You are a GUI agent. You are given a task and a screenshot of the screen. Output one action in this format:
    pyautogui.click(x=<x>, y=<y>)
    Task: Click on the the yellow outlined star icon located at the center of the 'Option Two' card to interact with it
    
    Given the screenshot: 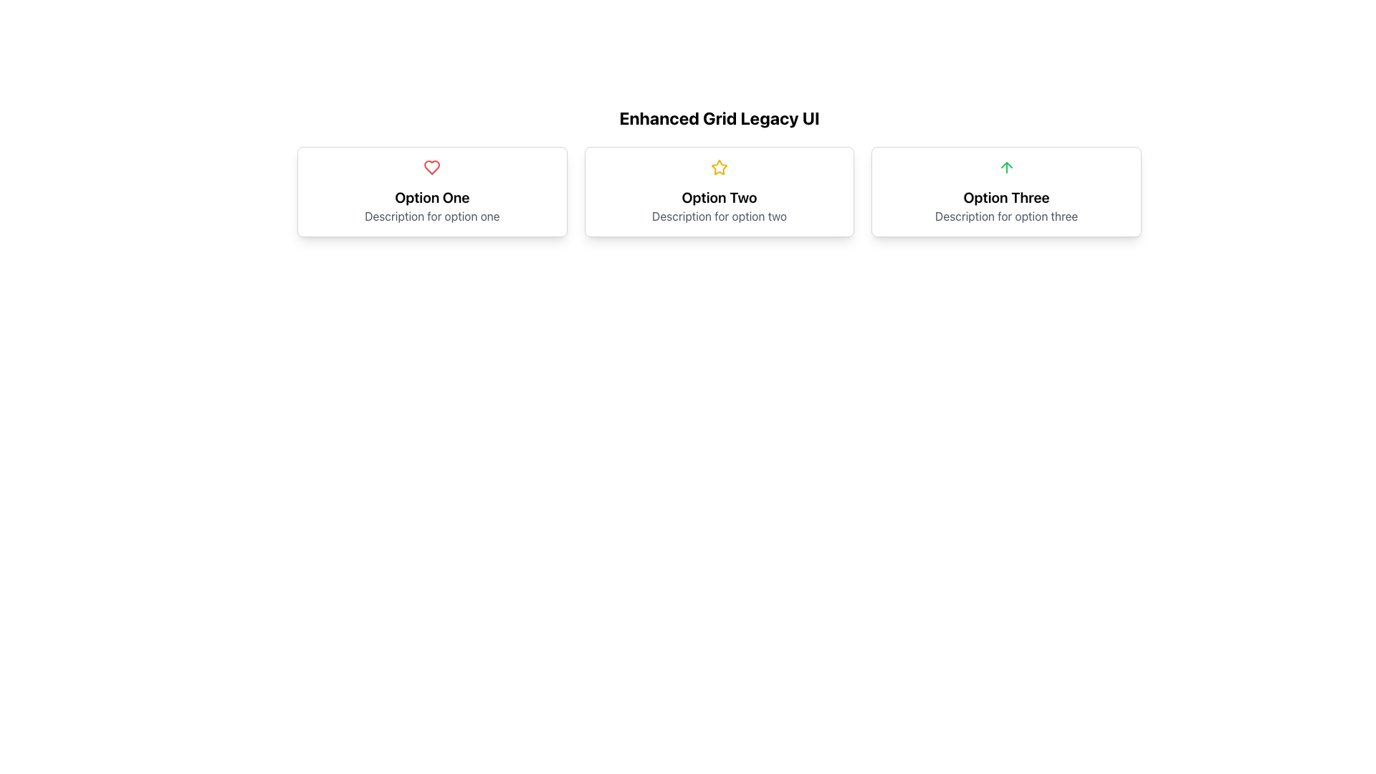 What is the action you would take?
    pyautogui.click(x=719, y=167)
    